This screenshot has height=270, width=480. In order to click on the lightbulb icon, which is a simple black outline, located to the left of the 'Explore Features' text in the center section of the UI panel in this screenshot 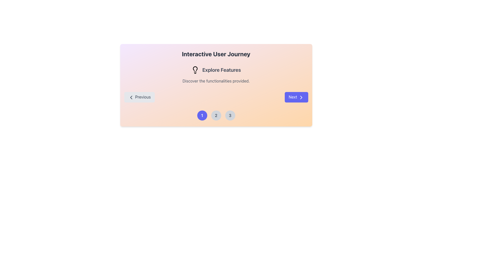, I will do `click(195, 70)`.